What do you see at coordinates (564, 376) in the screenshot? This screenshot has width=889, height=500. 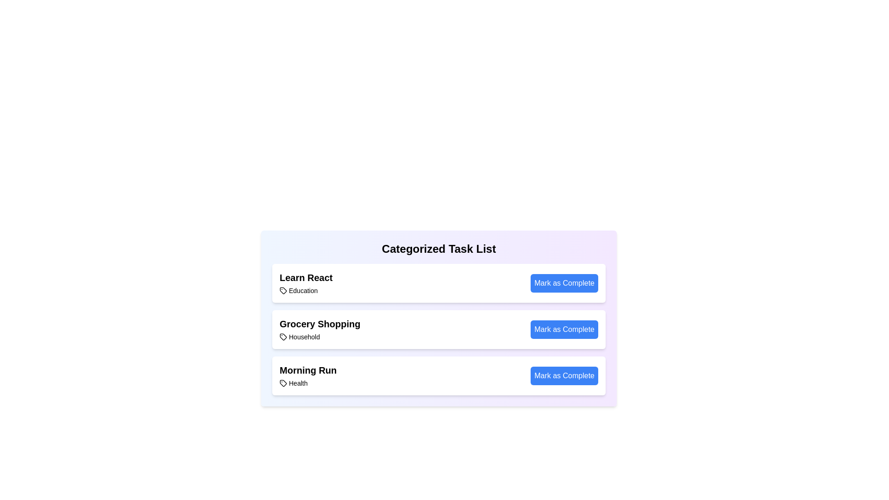 I see `the 'Mark as Complete' button for the task labeled 'Morning Run'` at bounding box center [564, 376].